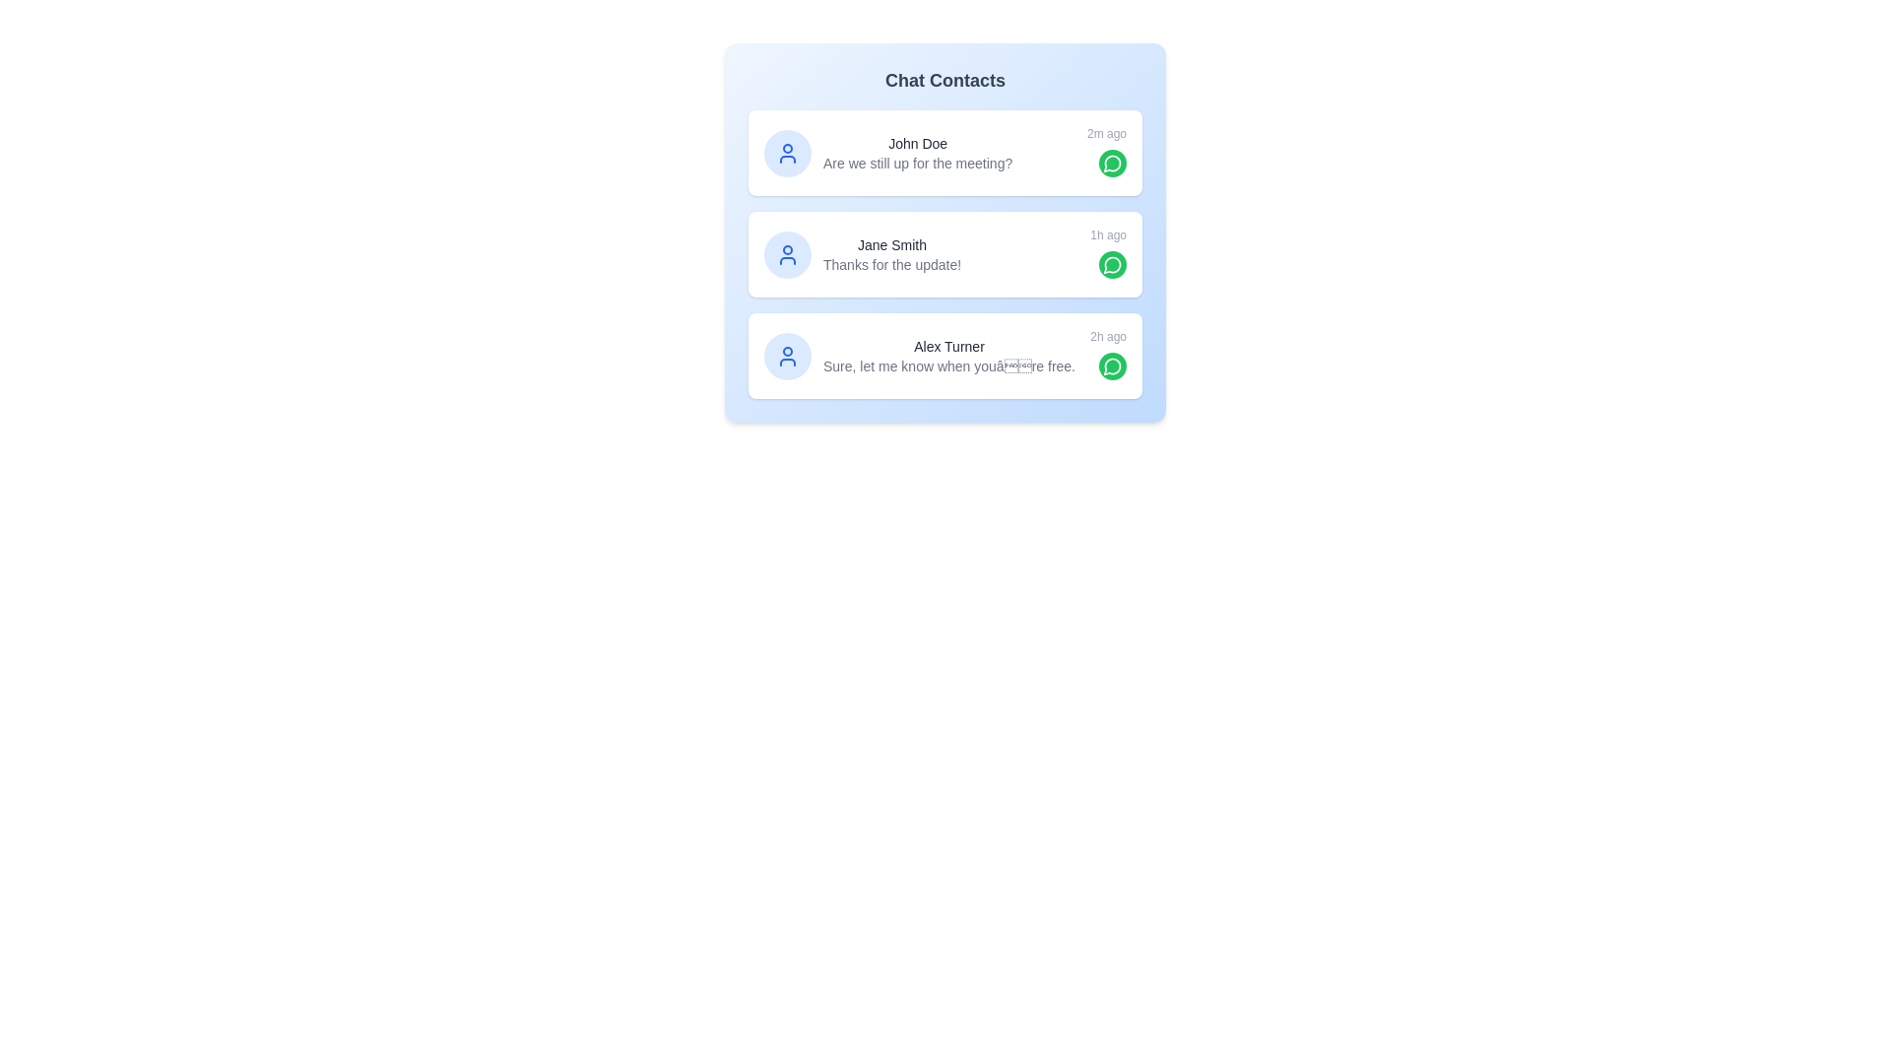 Image resolution: width=1891 pixels, height=1064 pixels. Describe the element at coordinates (945, 253) in the screenshot. I see `the contact Jane Smith to view its hover effects` at that location.